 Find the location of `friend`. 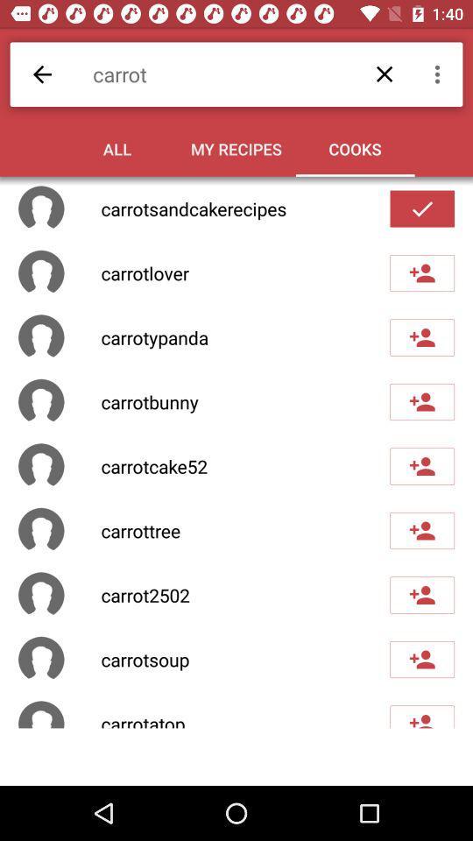

friend is located at coordinates (421, 659).